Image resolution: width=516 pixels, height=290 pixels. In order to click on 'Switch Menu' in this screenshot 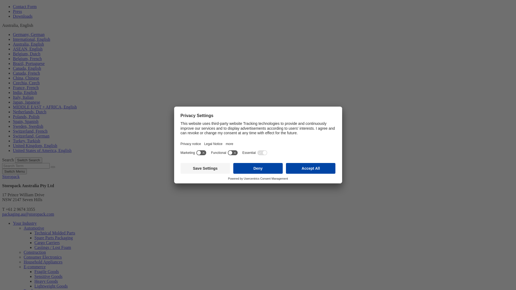, I will do `click(14, 171)`.